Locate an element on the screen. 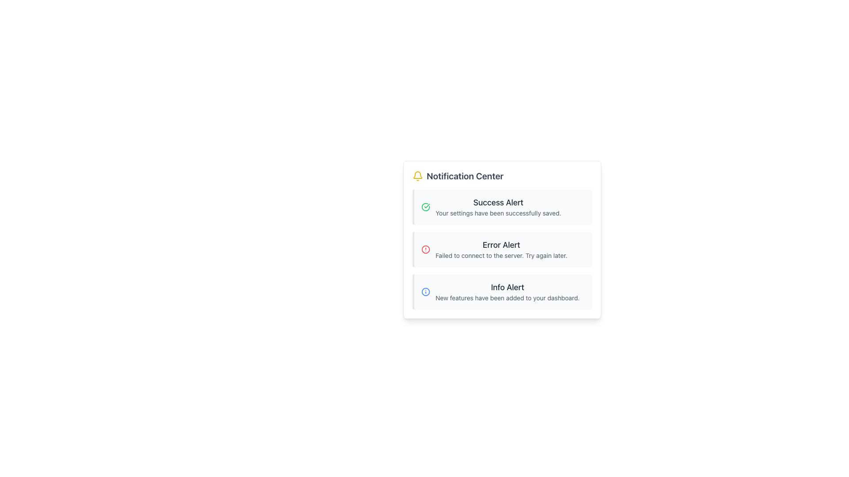  text content of the 'Notification Center' header, which is displayed in bold, dark gray font at the top of a white card interface is located at coordinates (502, 176).